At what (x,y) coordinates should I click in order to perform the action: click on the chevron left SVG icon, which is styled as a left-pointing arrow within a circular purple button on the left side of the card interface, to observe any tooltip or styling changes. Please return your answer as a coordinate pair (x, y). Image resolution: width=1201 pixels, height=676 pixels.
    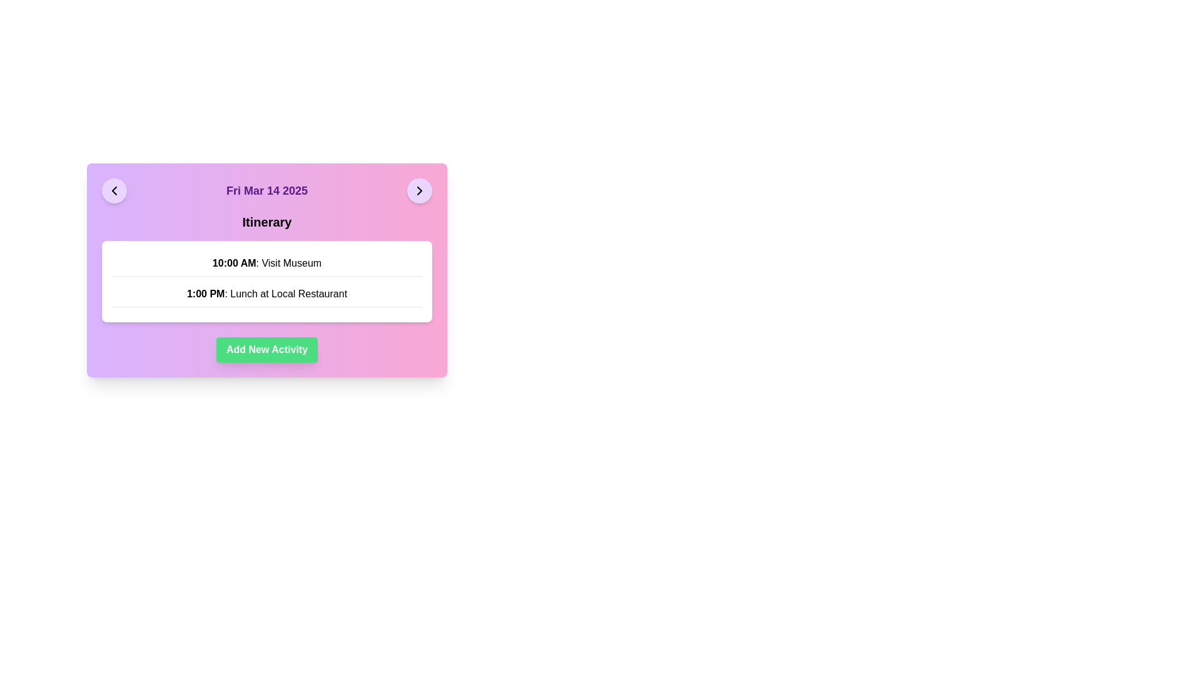
    Looking at the image, I should click on (114, 190).